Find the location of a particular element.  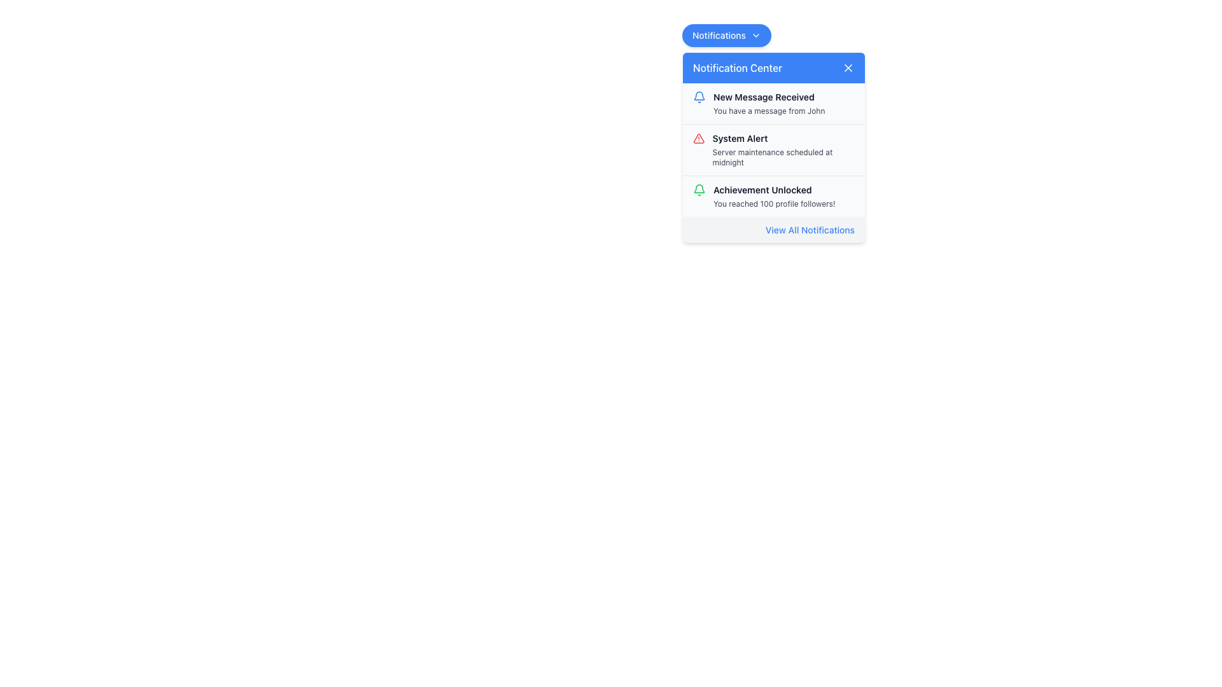

the downward-facing chevron SVG icon located immediately to the right of the 'Notifications' button is located at coordinates (756, 35).